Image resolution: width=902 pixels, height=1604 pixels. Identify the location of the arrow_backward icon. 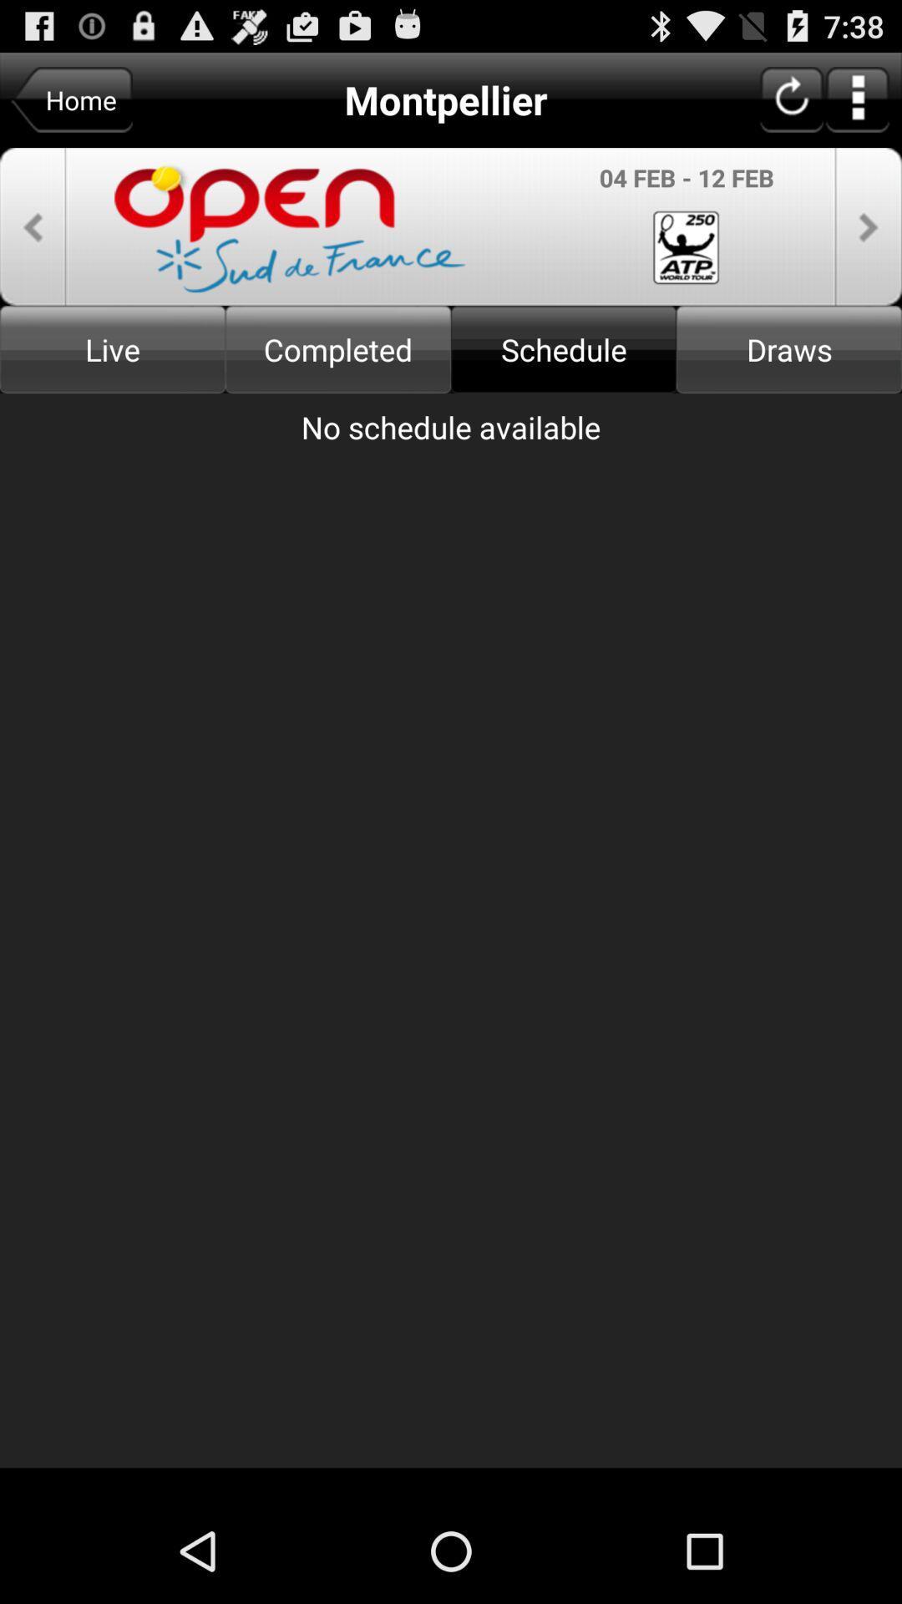
(33, 241).